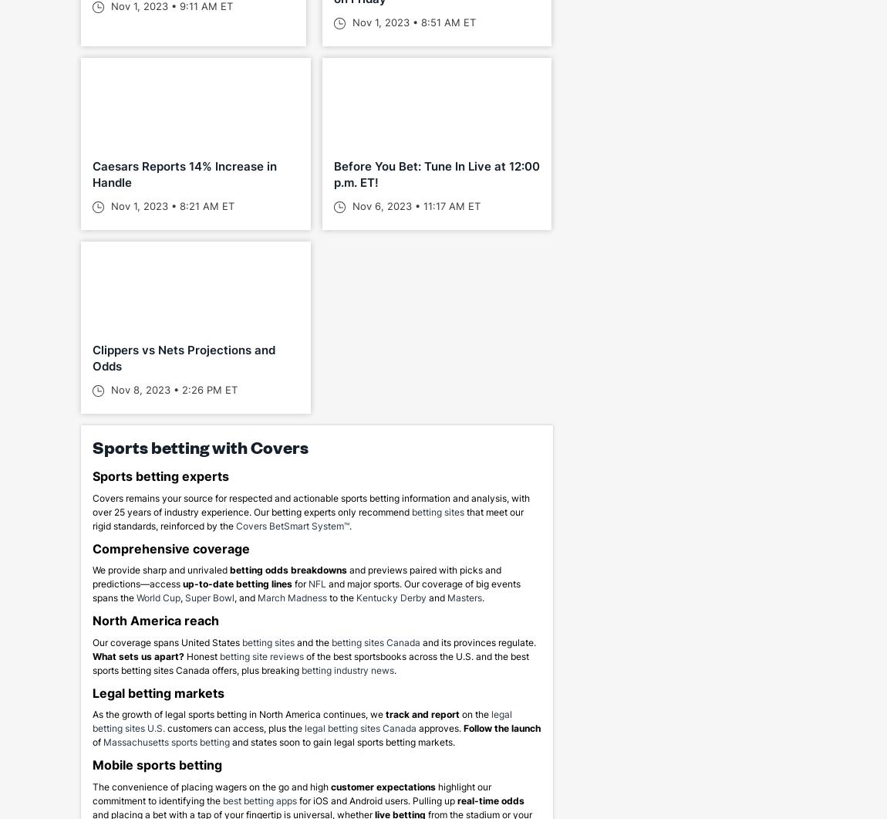 The image size is (887, 819). Describe the element at coordinates (91, 503) in the screenshot. I see `'Covers remains your source for respected and actionable sports betting information and analysis, with over 25 years of industry experience. Our betting experts only recommend'` at that location.